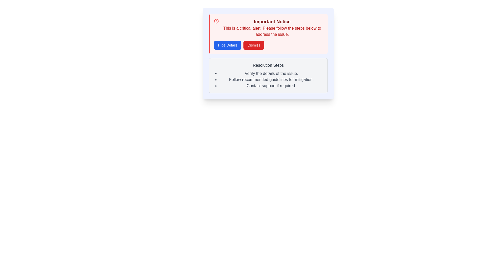 This screenshot has height=276, width=492. What do you see at coordinates (272, 28) in the screenshot?
I see `alert text in the important notification text block, which is centrally positioned above the 'Resolution Steps' section and to the left of the 'Hide Details' and 'Dismiss' buttons` at bounding box center [272, 28].